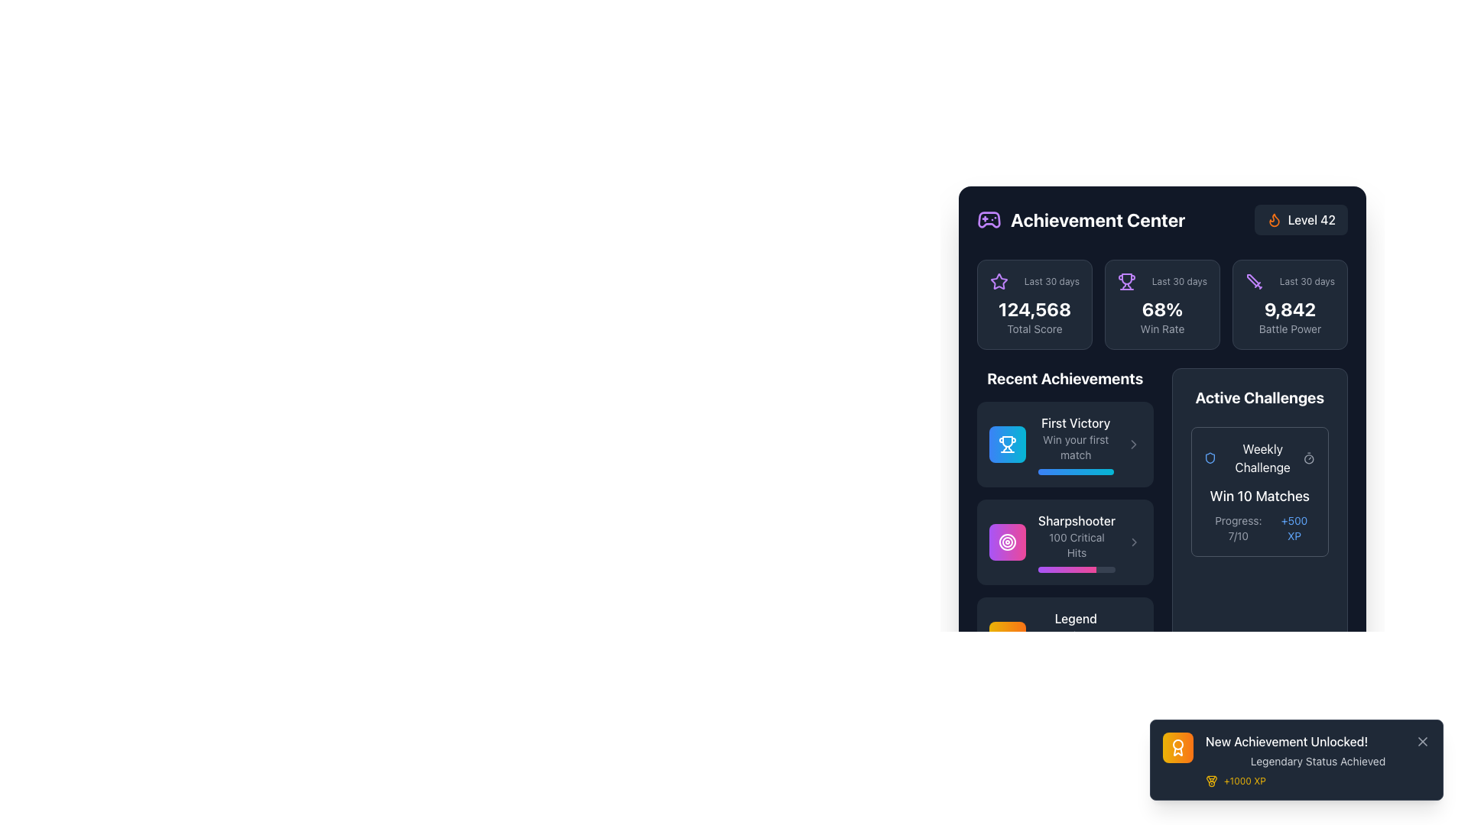 This screenshot has height=825, width=1468. Describe the element at coordinates (1008, 442) in the screenshot. I see `the trophy icon representing the Win Rate metric in the Achievement Center interface, which is styled with clean lines and positioned in the middle of the row of statistics` at that location.